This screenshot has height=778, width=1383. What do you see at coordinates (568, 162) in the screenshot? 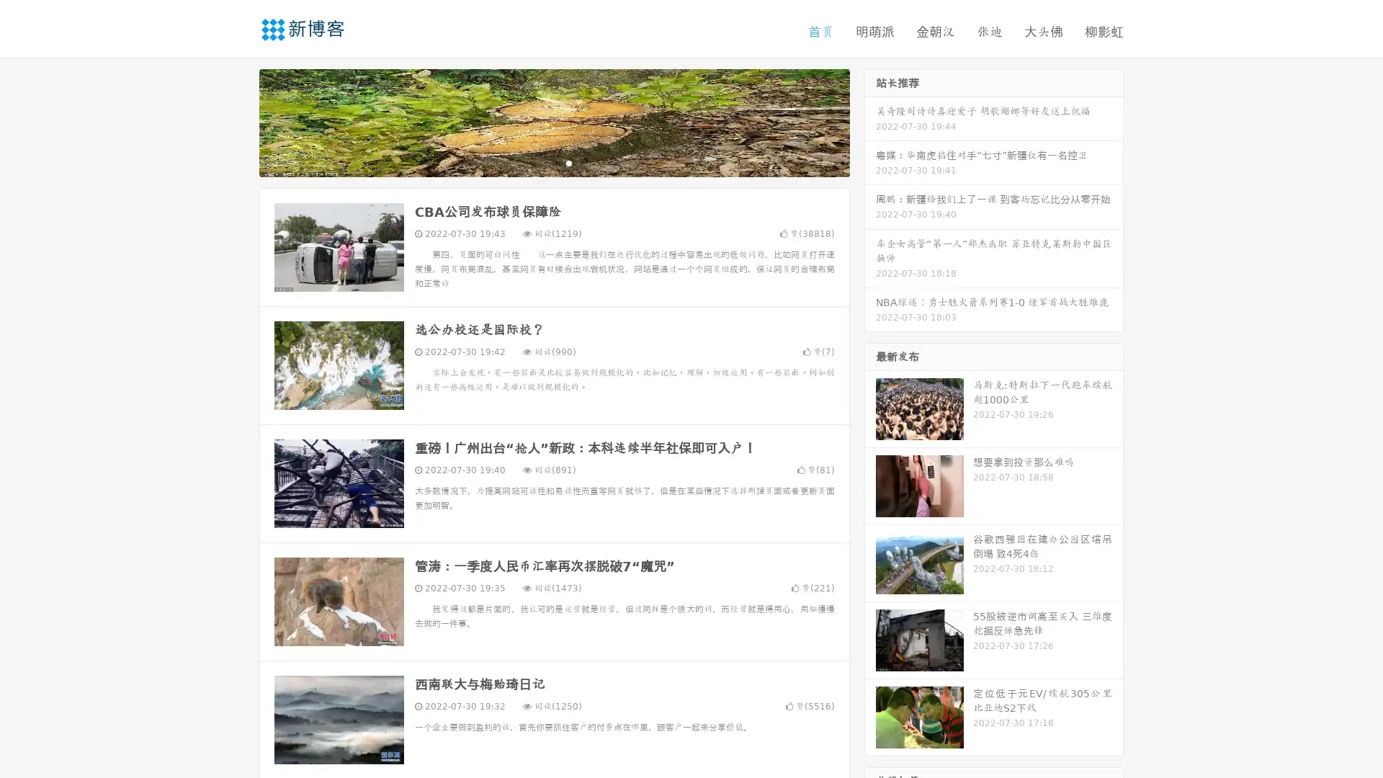
I see `Go to slide 3` at bounding box center [568, 162].